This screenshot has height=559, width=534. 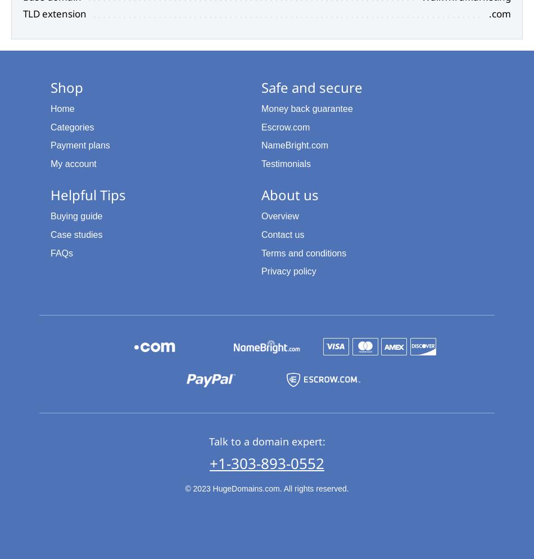 I want to click on 'Talk to a domain expert:', so click(x=266, y=441).